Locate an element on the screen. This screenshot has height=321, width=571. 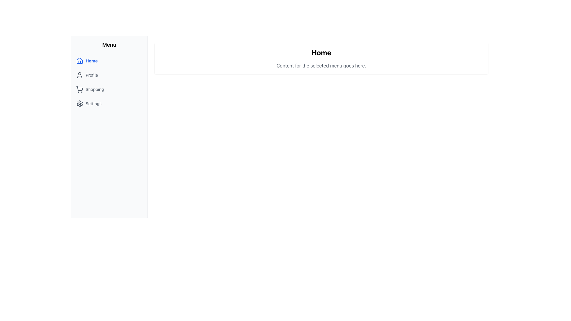
the house icon in the sidebar menu is located at coordinates (79, 61).